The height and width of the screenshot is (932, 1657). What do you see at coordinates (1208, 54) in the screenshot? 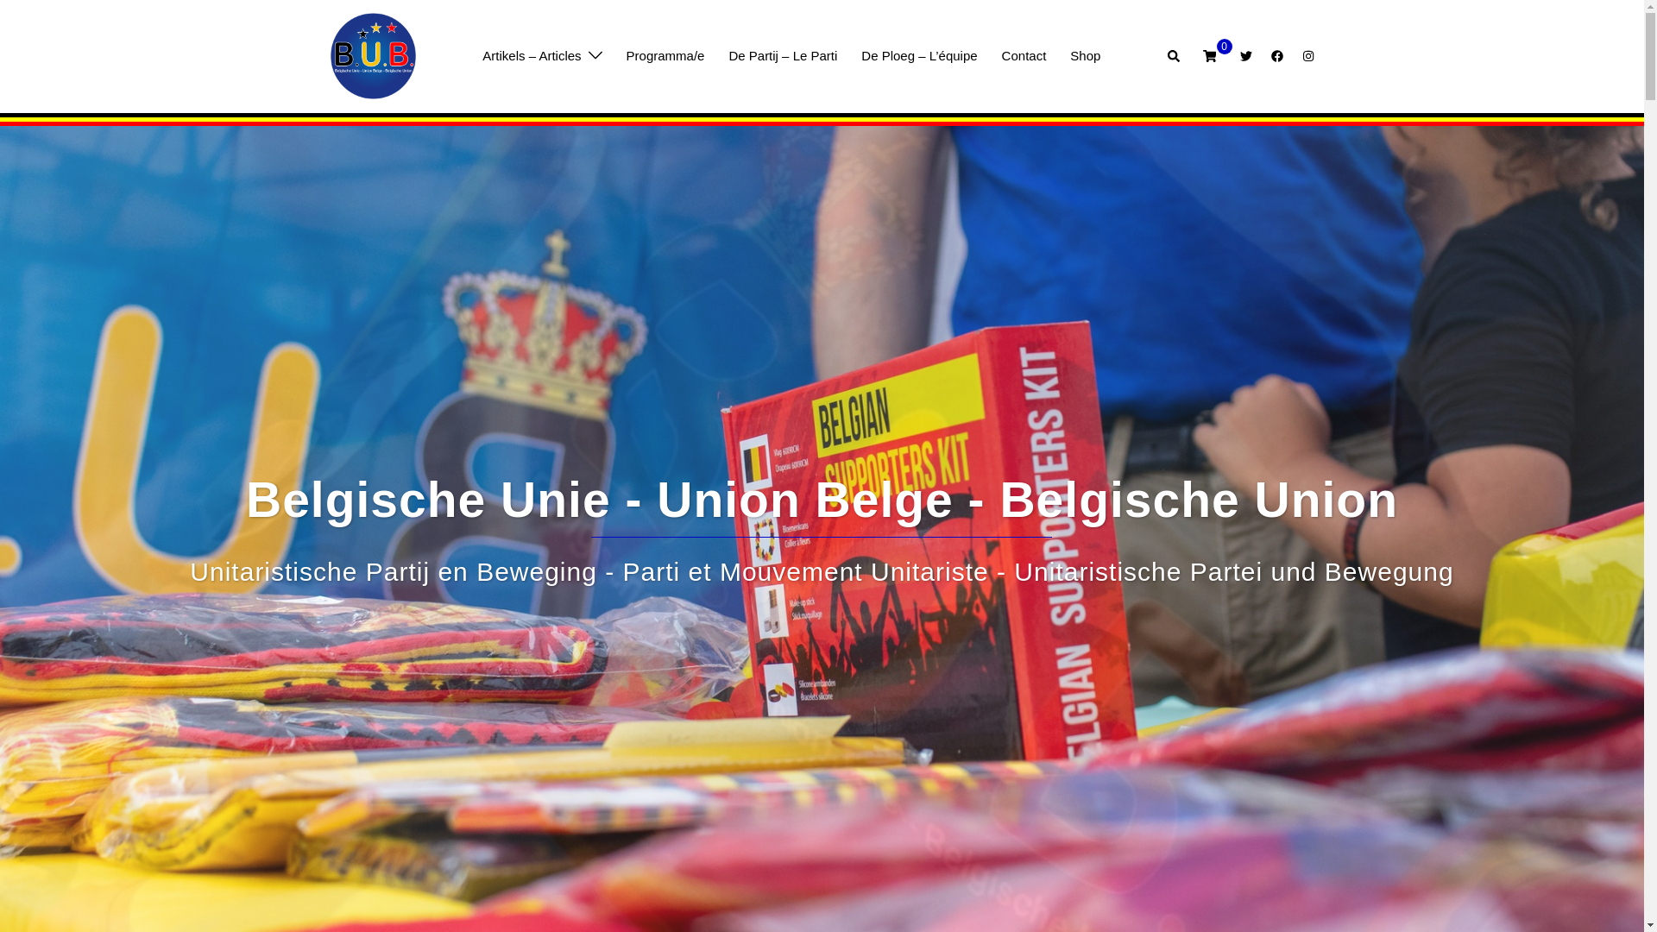
I see `'0'` at bounding box center [1208, 54].